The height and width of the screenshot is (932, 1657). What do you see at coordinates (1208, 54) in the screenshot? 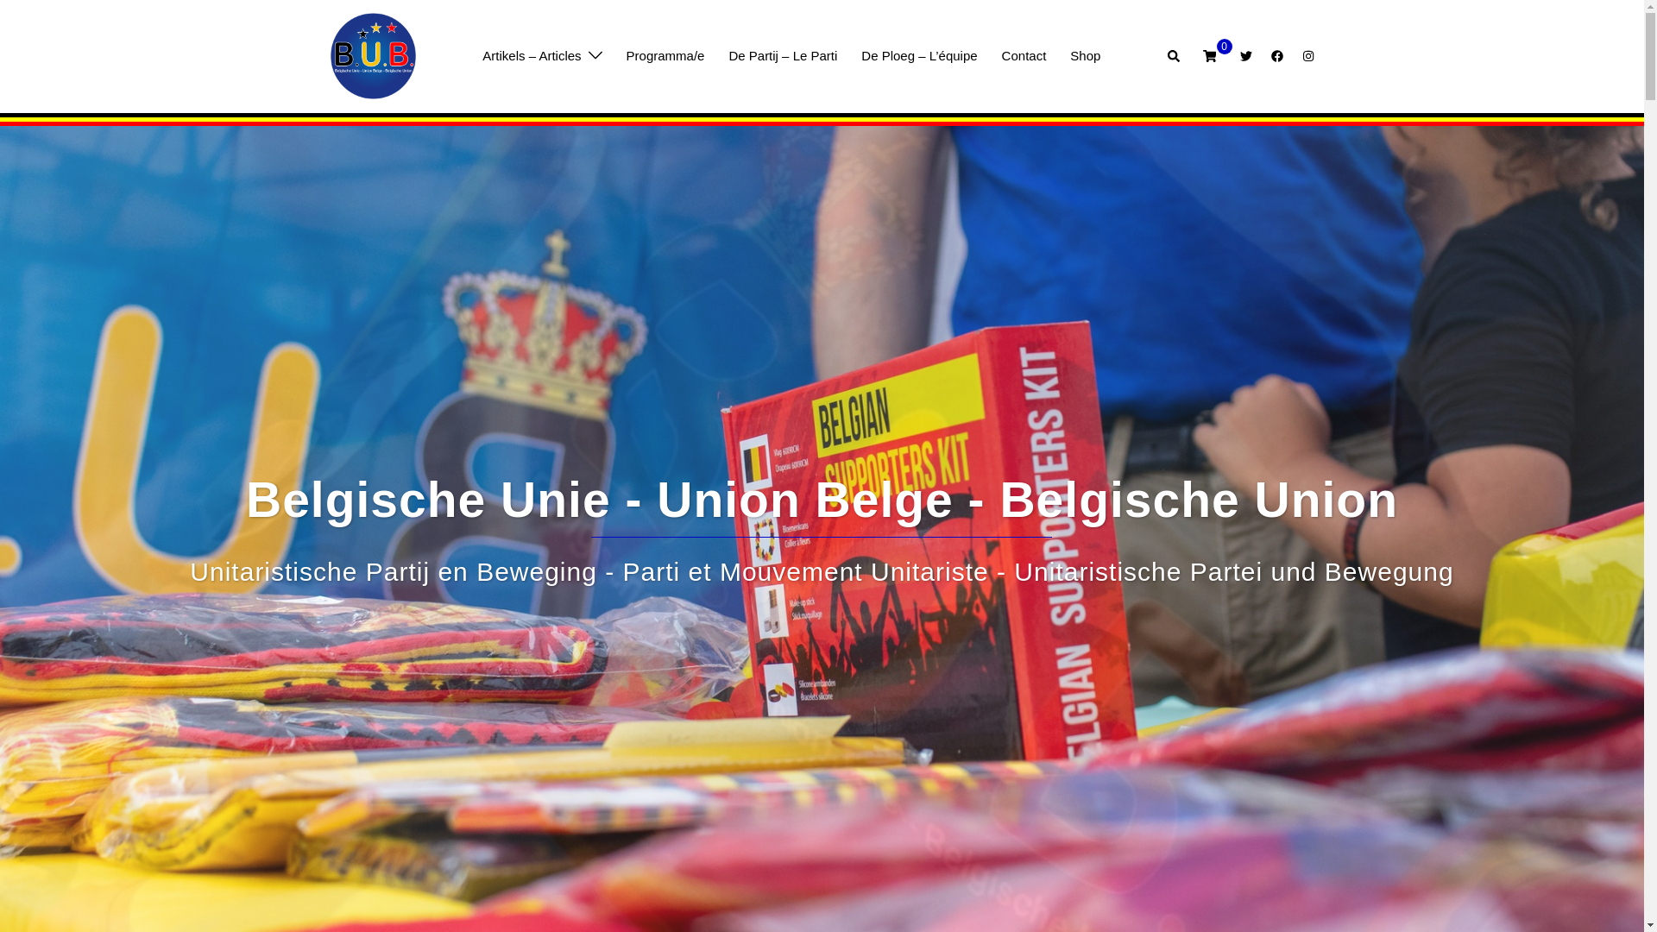
I see `'0'` at bounding box center [1208, 54].